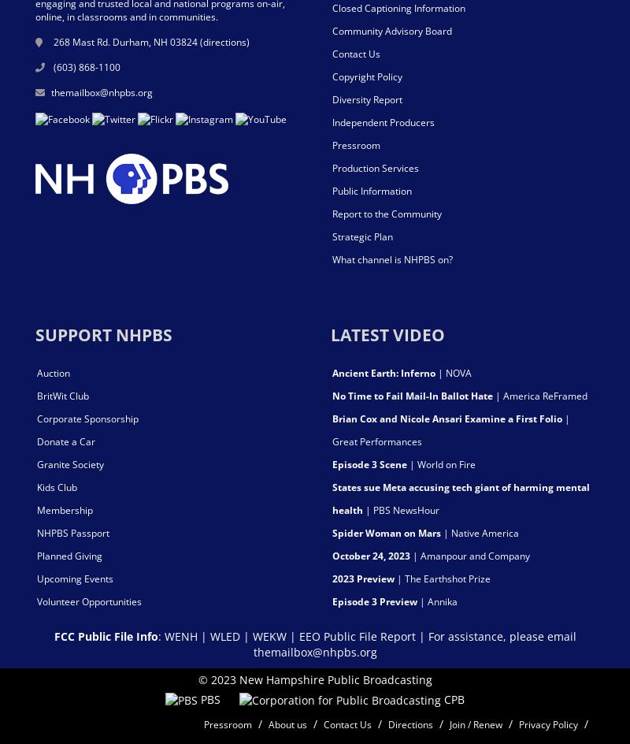  Describe the element at coordinates (400, 509) in the screenshot. I see `'| 
				PBS NewsHour'` at that location.